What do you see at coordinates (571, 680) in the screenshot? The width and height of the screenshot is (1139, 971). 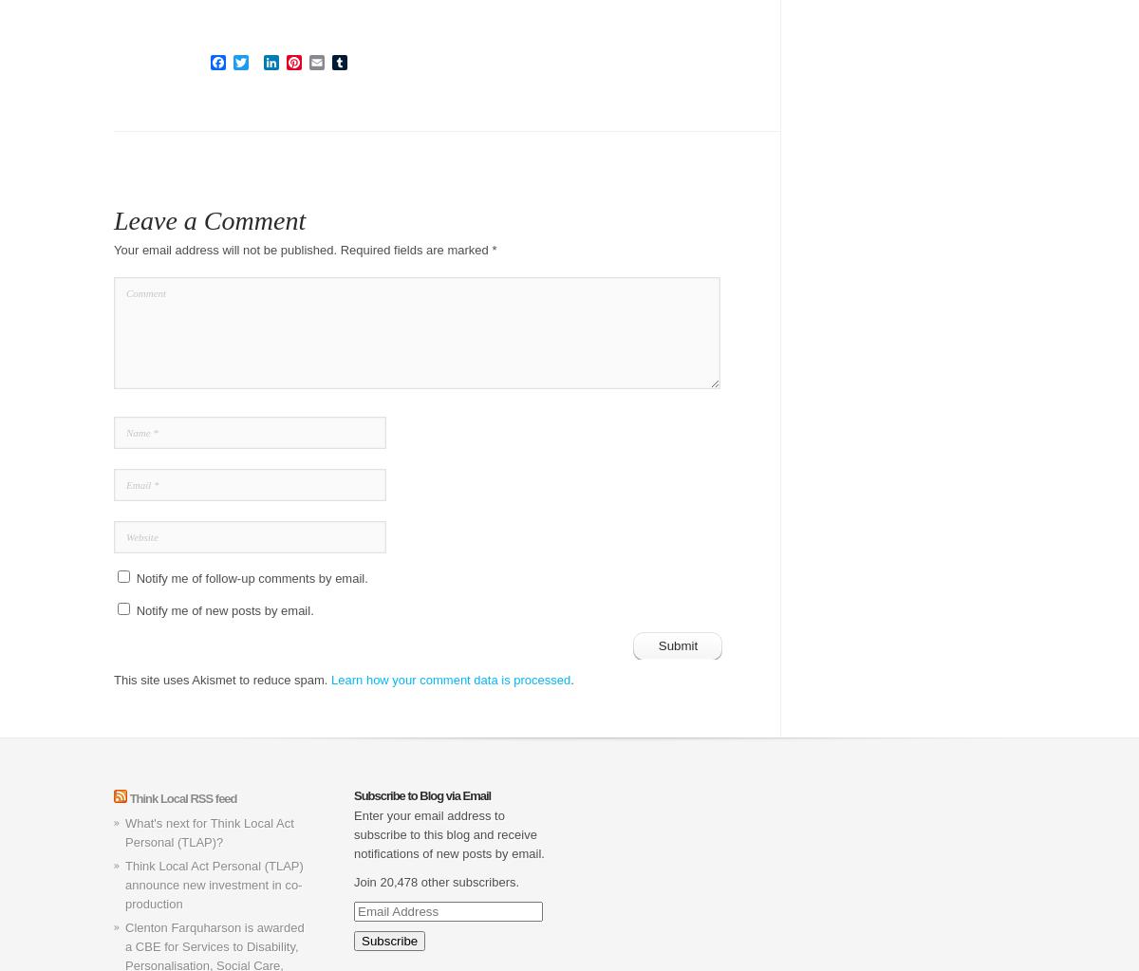 I see `'.'` at bounding box center [571, 680].